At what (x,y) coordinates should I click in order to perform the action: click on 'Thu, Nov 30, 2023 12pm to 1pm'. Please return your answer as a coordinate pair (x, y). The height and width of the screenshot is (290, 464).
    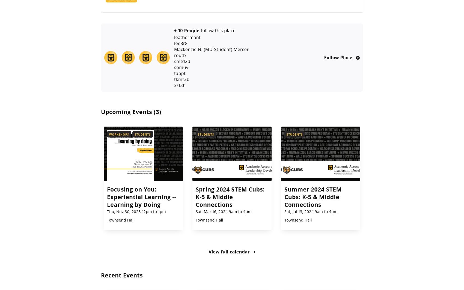
    Looking at the image, I should click on (136, 211).